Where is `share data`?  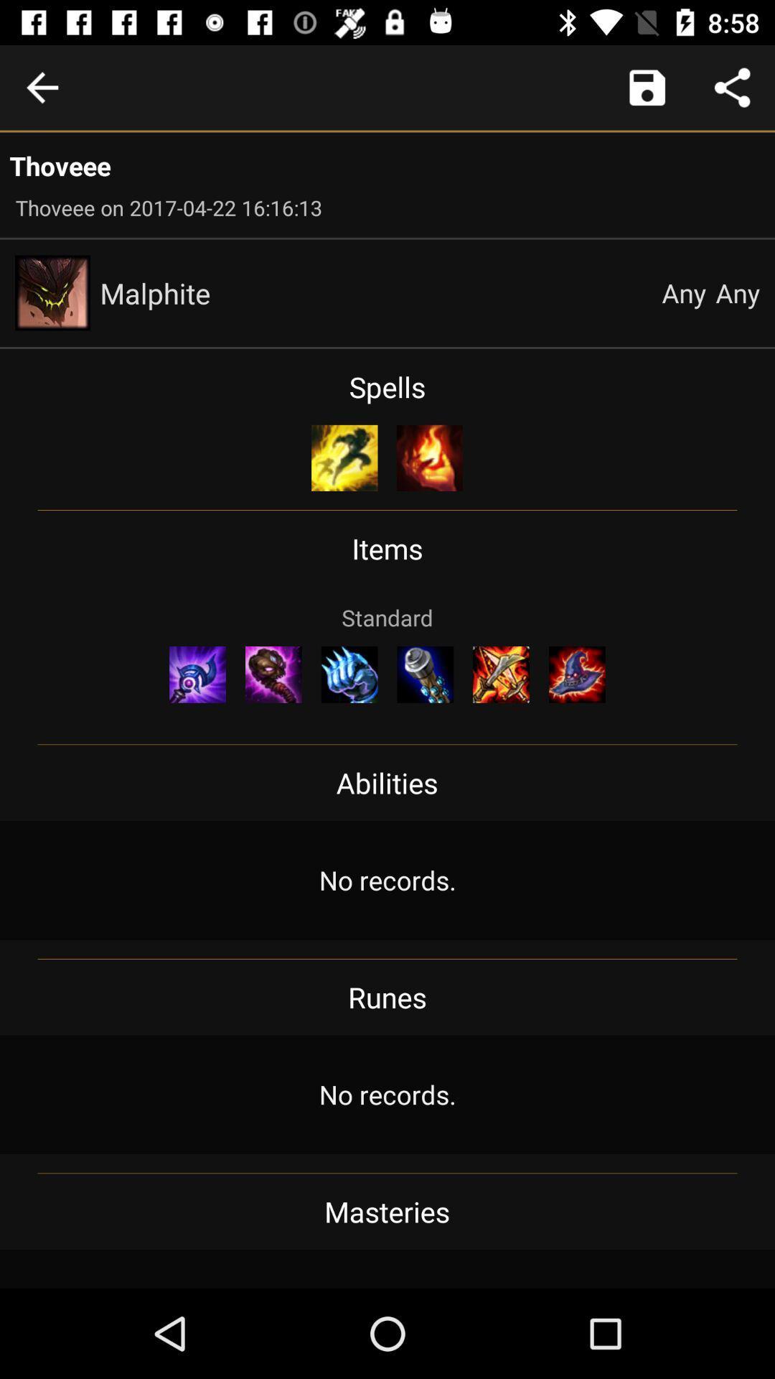 share data is located at coordinates (732, 87).